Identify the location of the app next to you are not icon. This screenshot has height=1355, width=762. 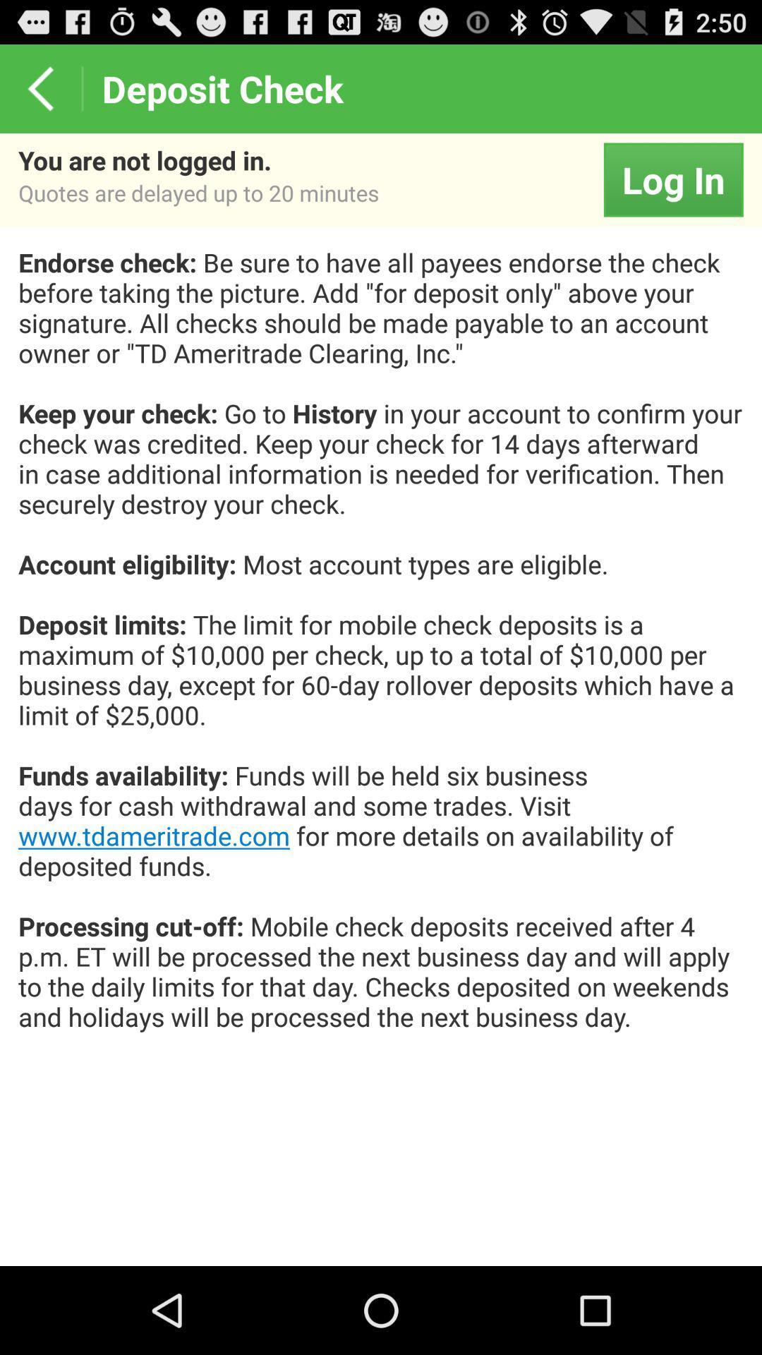
(672, 179).